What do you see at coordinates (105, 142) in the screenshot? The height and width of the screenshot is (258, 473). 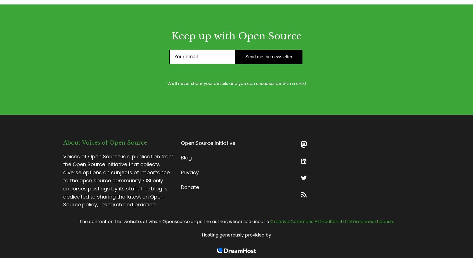 I see `'About Voices of Open Source'` at bounding box center [105, 142].